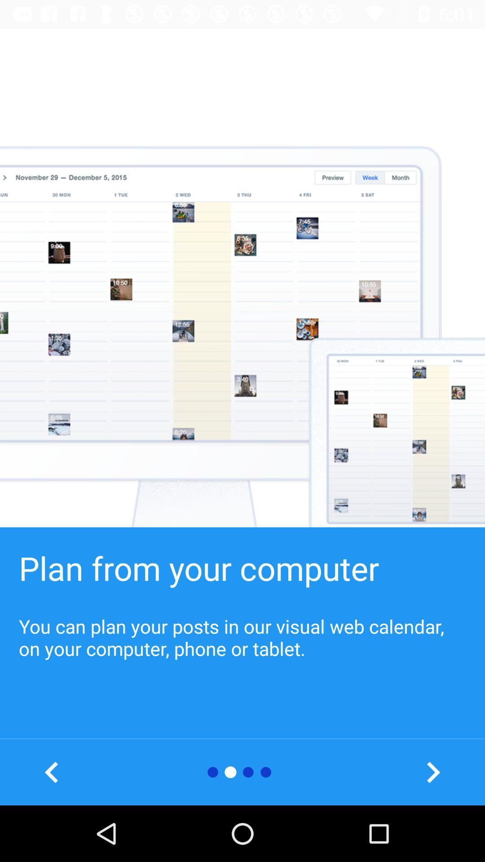 Image resolution: width=485 pixels, height=862 pixels. I want to click on go back, so click(52, 772).